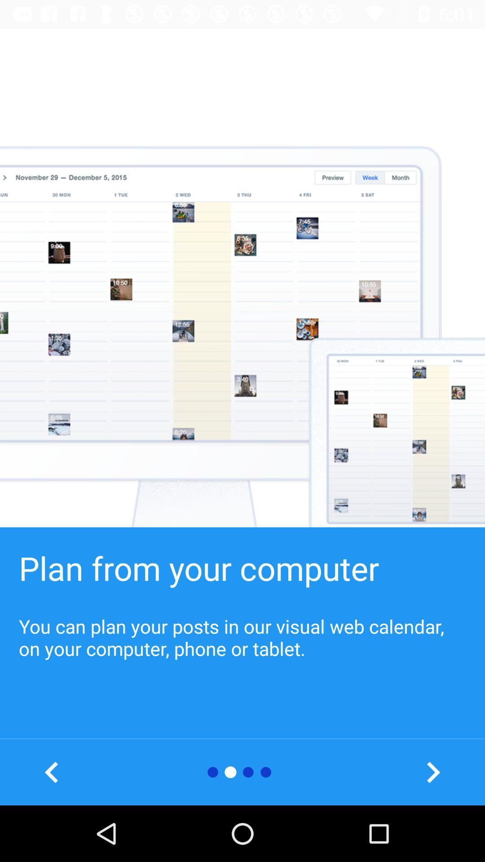 Image resolution: width=485 pixels, height=862 pixels. I want to click on go back, so click(52, 772).